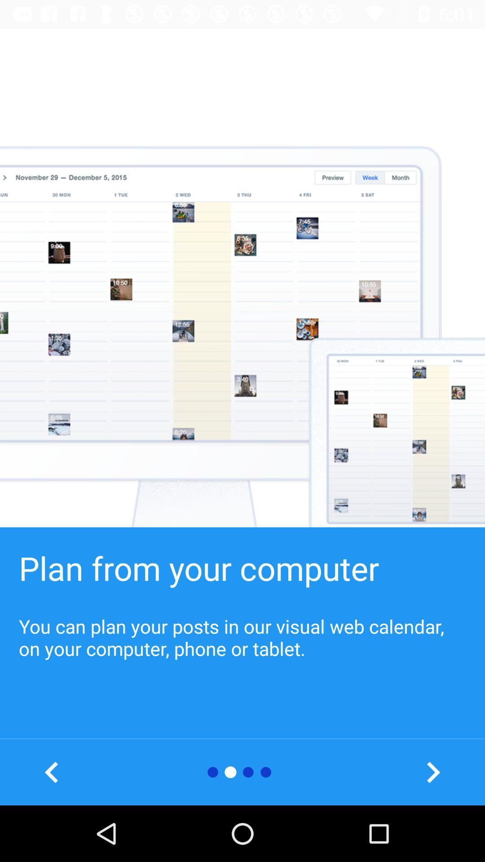 Image resolution: width=485 pixels, height=862 pixels. I want to click on go back, so click(52, 772).